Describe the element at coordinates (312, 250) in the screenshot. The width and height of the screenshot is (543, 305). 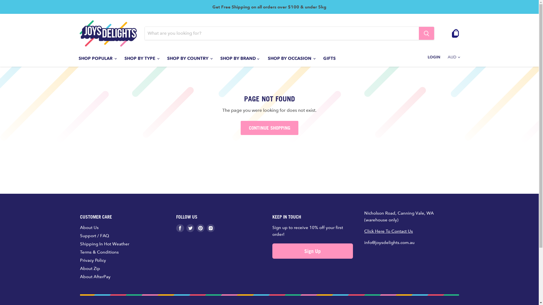
I see `'Sign Up'` at that location.